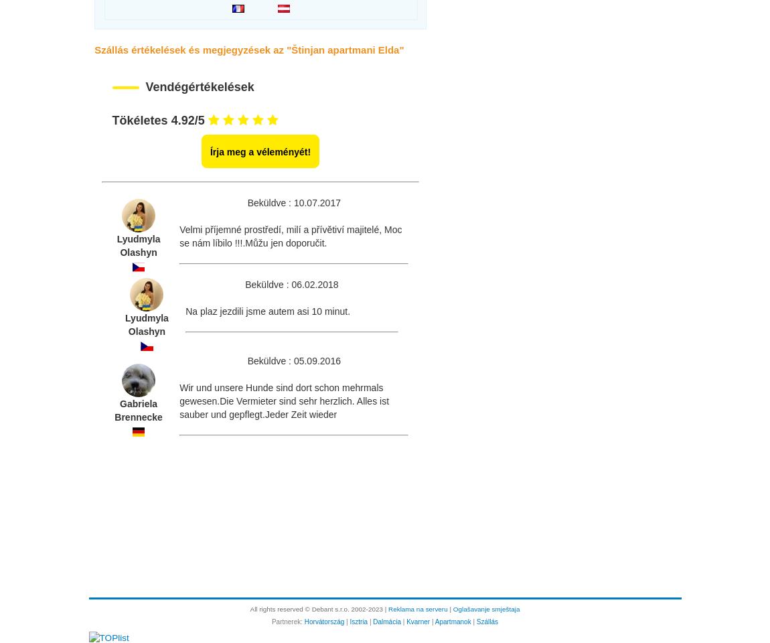 The width and height of the screenshot is (770, 643). Describe the element at coordinates (119, 106) in the screenshot. I see `'étterem:'` at that location.